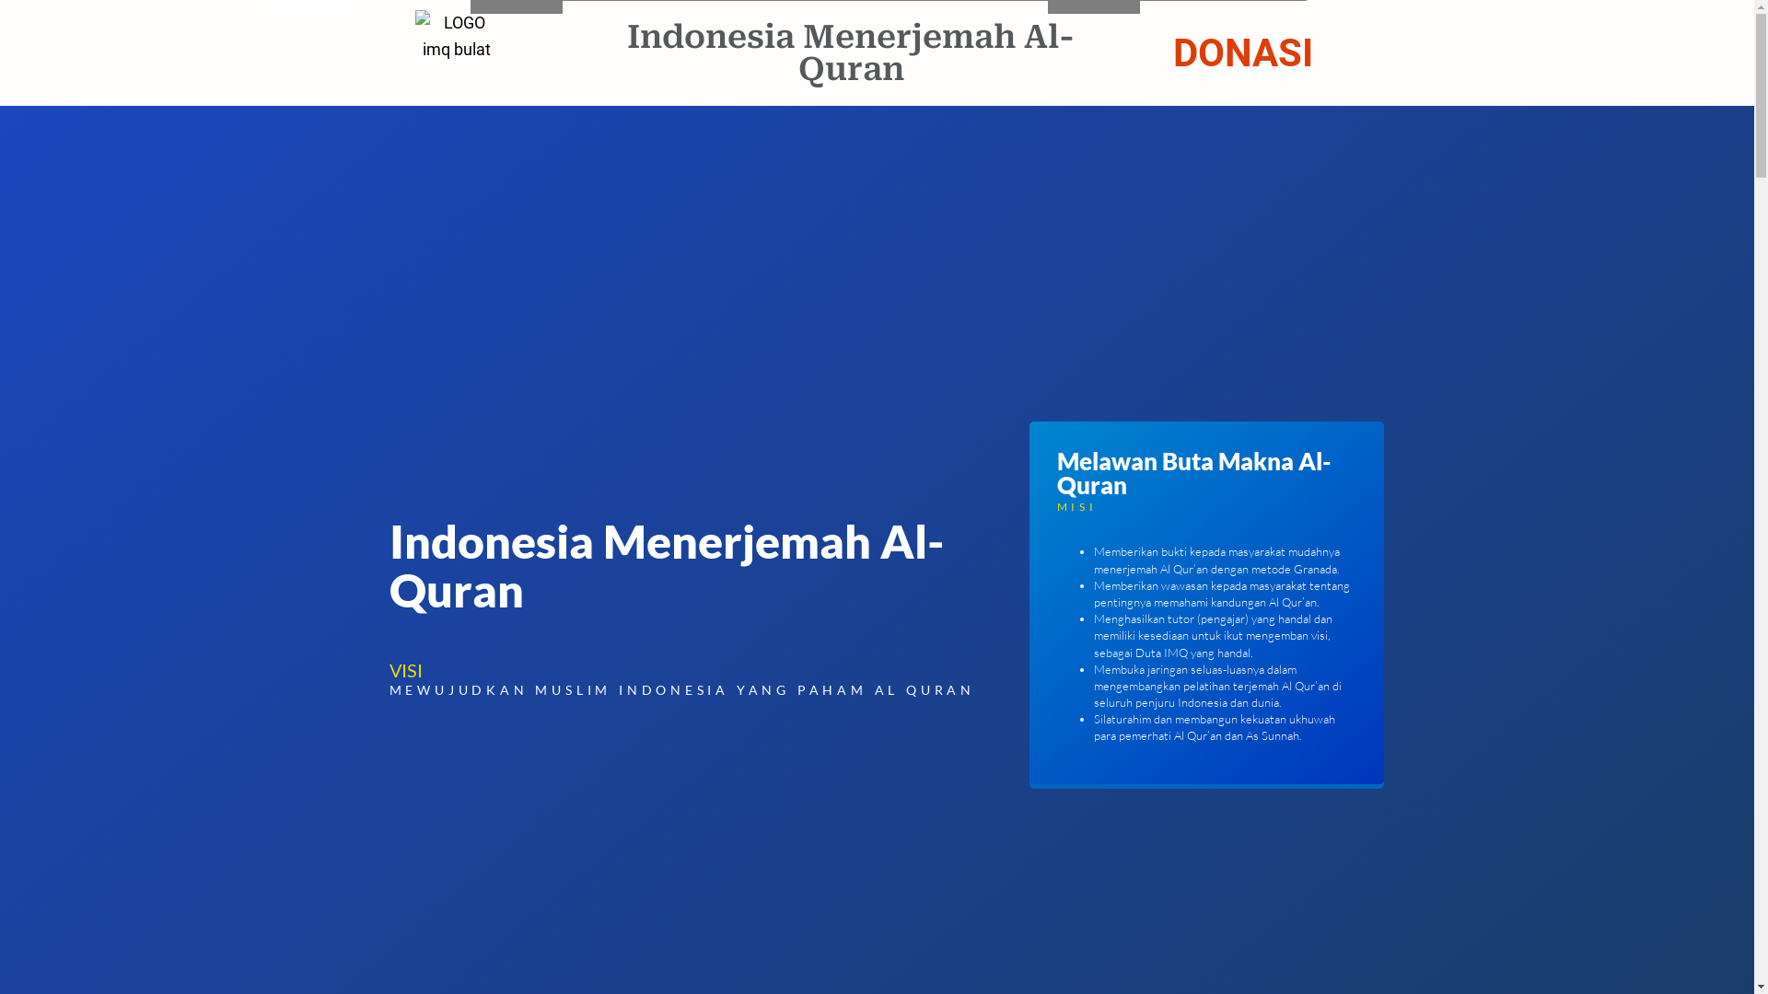 The width and height of the screenshot is (1768, 994). What do you see at coordinates (1242, 52) in the screenshot?
I see `'DONASI'` at bounding box center [1242, 52].